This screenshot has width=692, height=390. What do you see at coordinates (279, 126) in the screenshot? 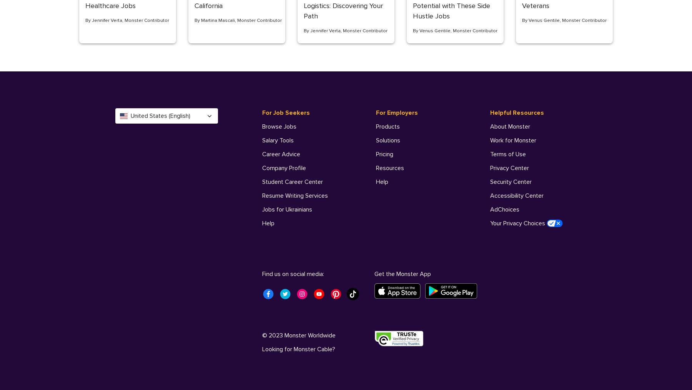
I see `'Browse Jobs'` at bounding box center [279, 126].